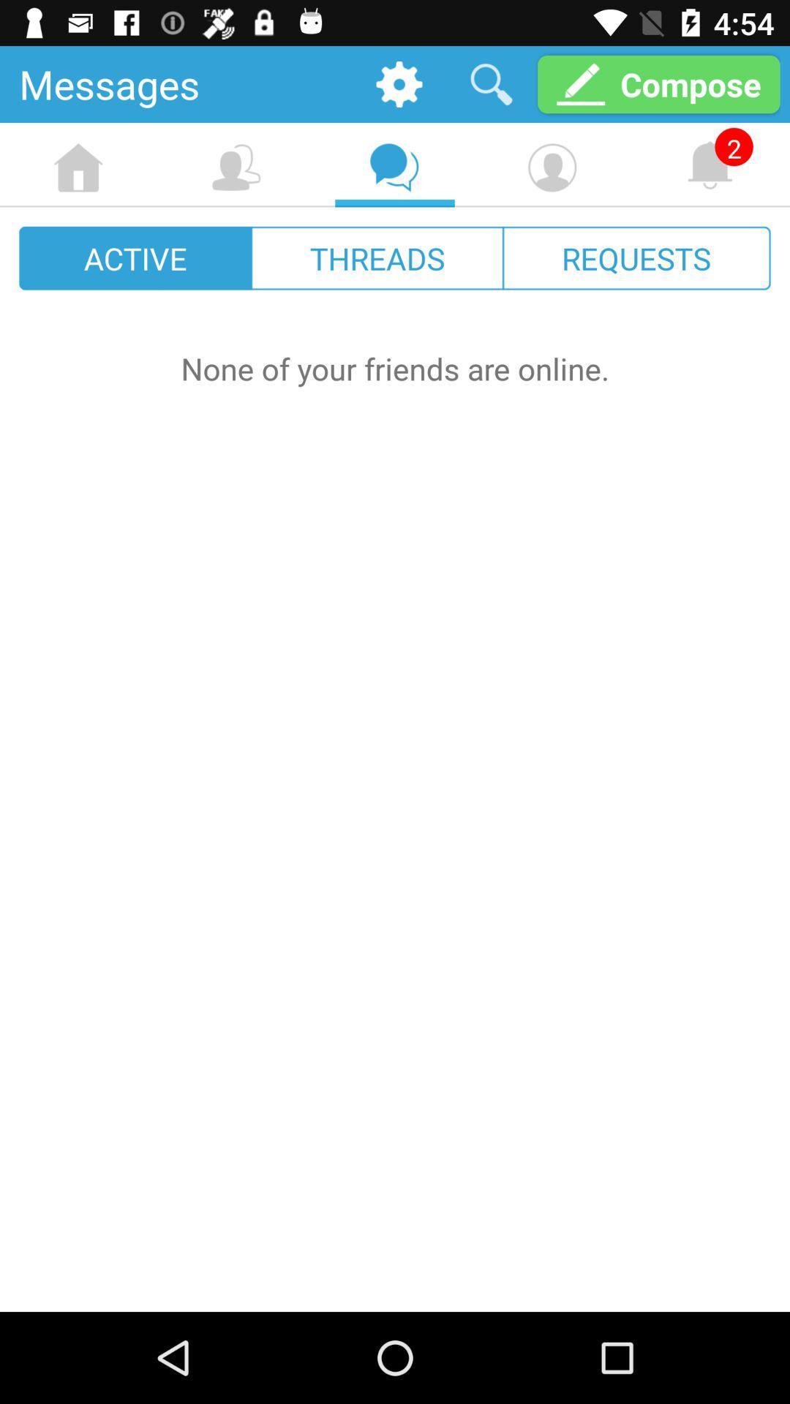 The image size is (790, 1404). Describe the element at coordinates (399, 83) in the screenshot. I see `the item next to the messages` at that location.